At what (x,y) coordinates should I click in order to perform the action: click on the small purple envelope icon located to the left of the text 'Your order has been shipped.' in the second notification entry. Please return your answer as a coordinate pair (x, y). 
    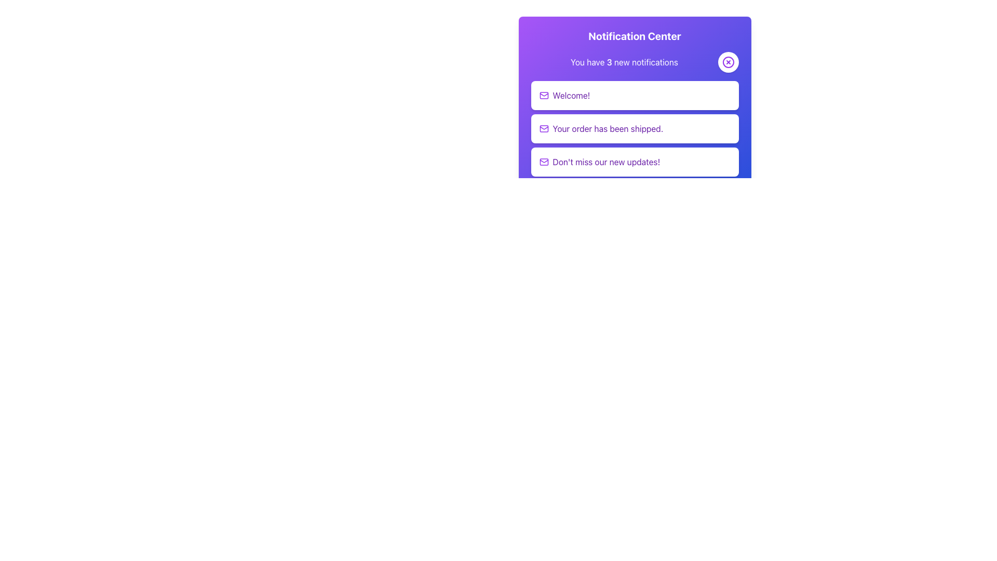
    Looking at the image, I should click on (543, 128).